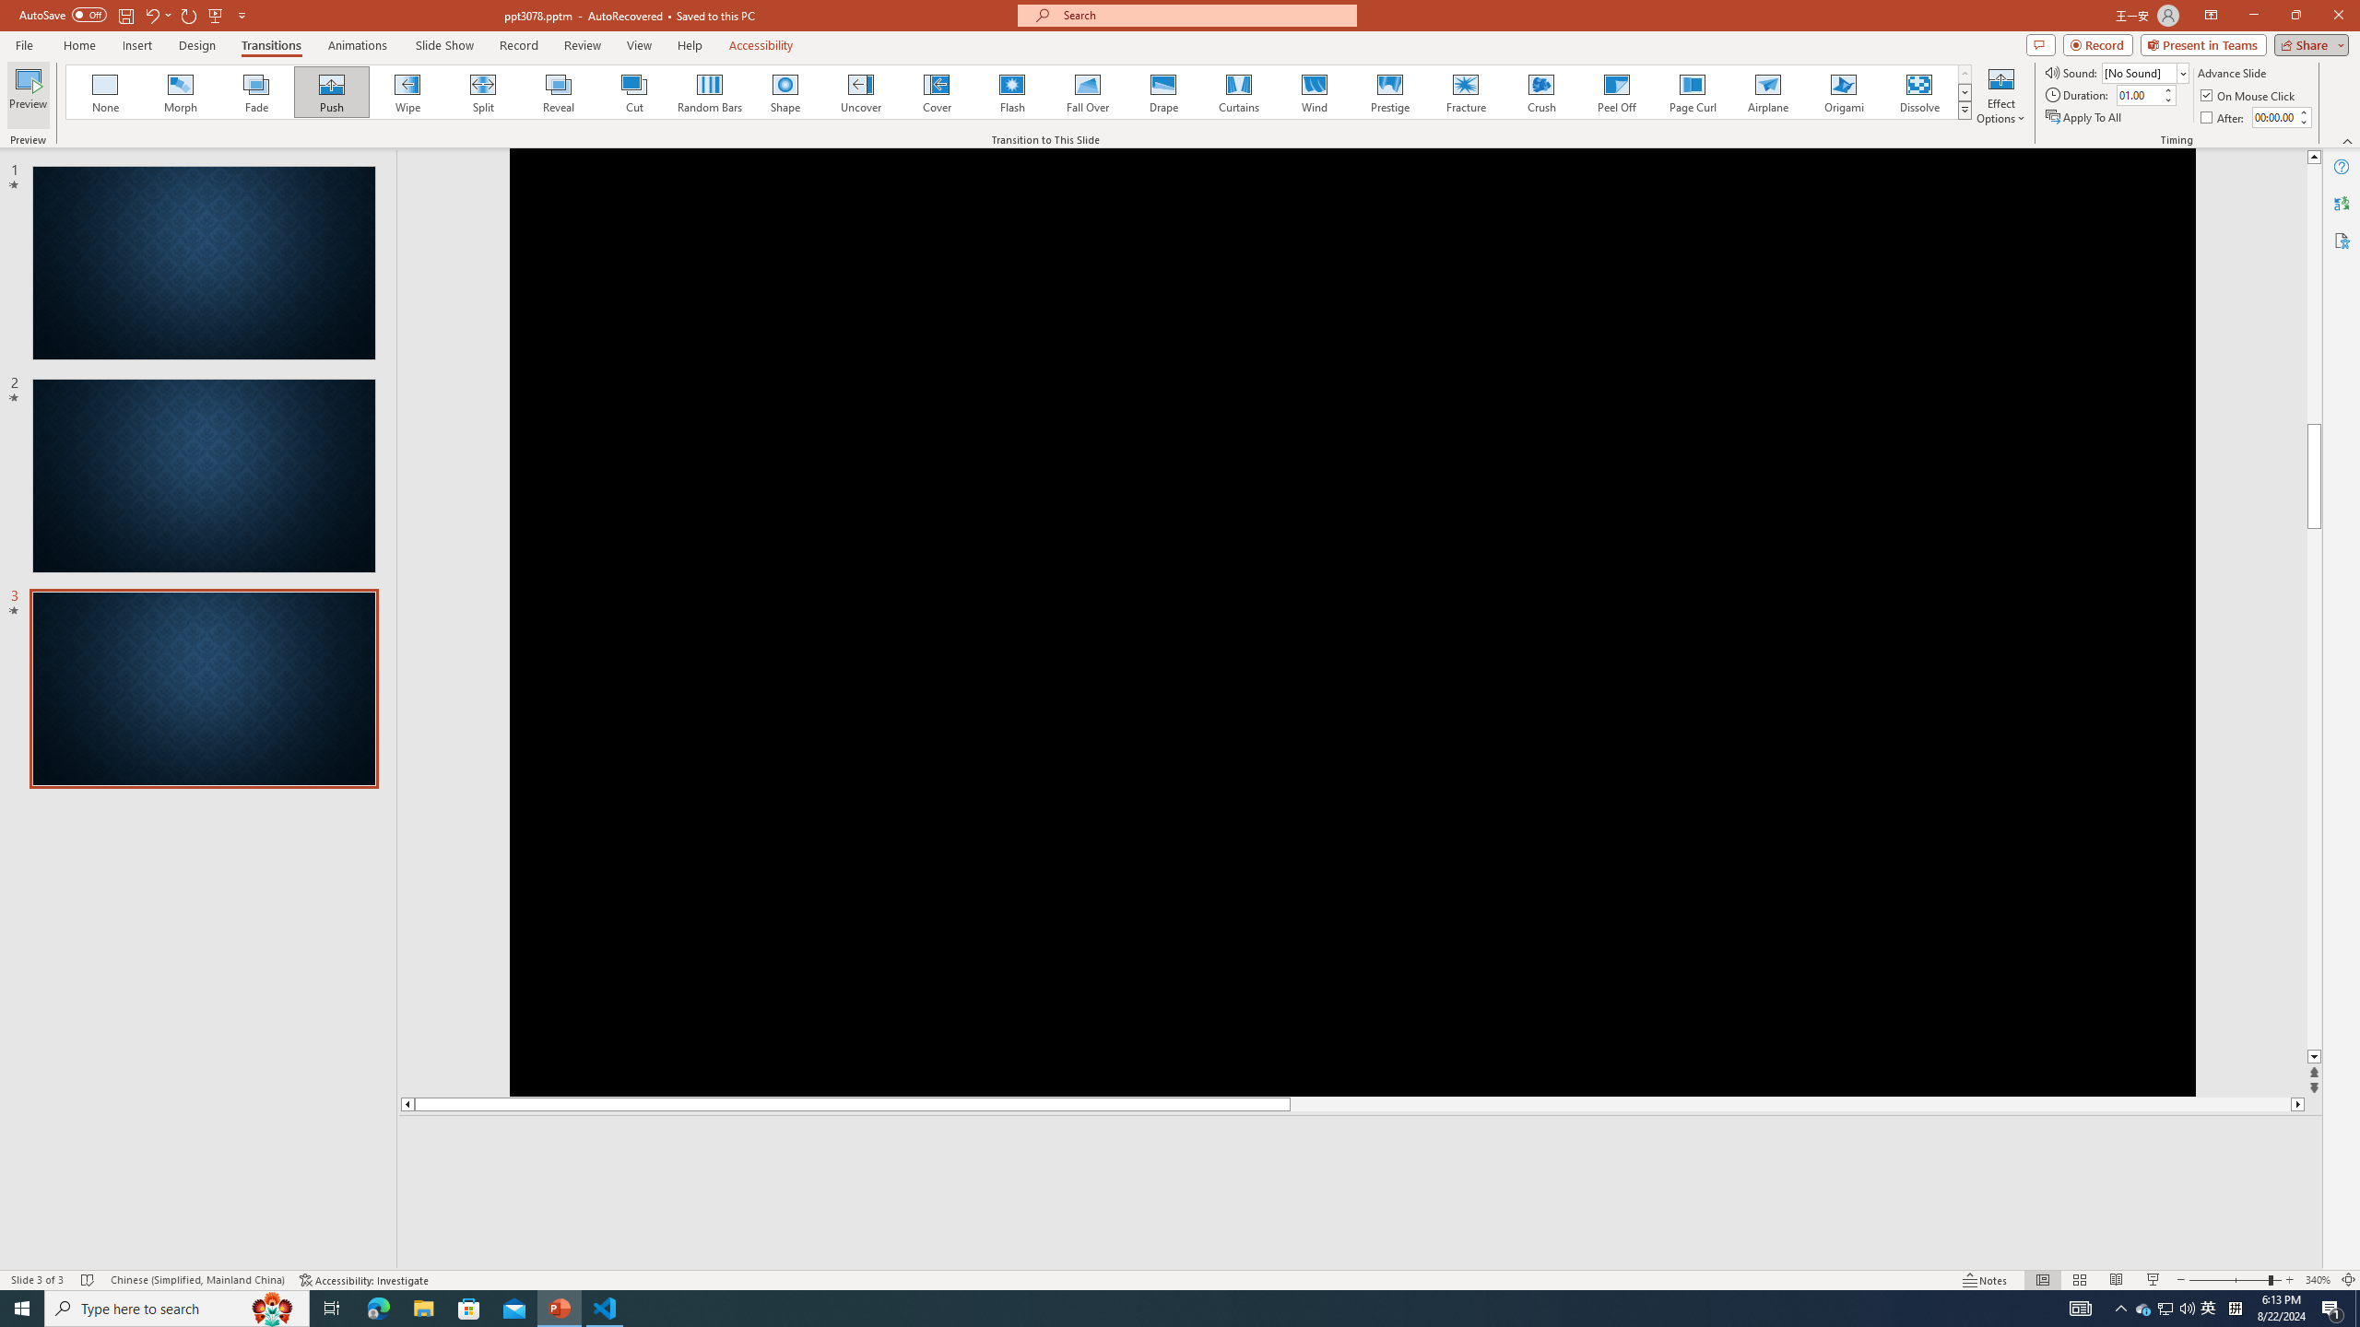 The image size is (2360, 1327). Describe the element at coordinates (2085, 117) in the screenshot. I see `'Apply To All'` at that location.